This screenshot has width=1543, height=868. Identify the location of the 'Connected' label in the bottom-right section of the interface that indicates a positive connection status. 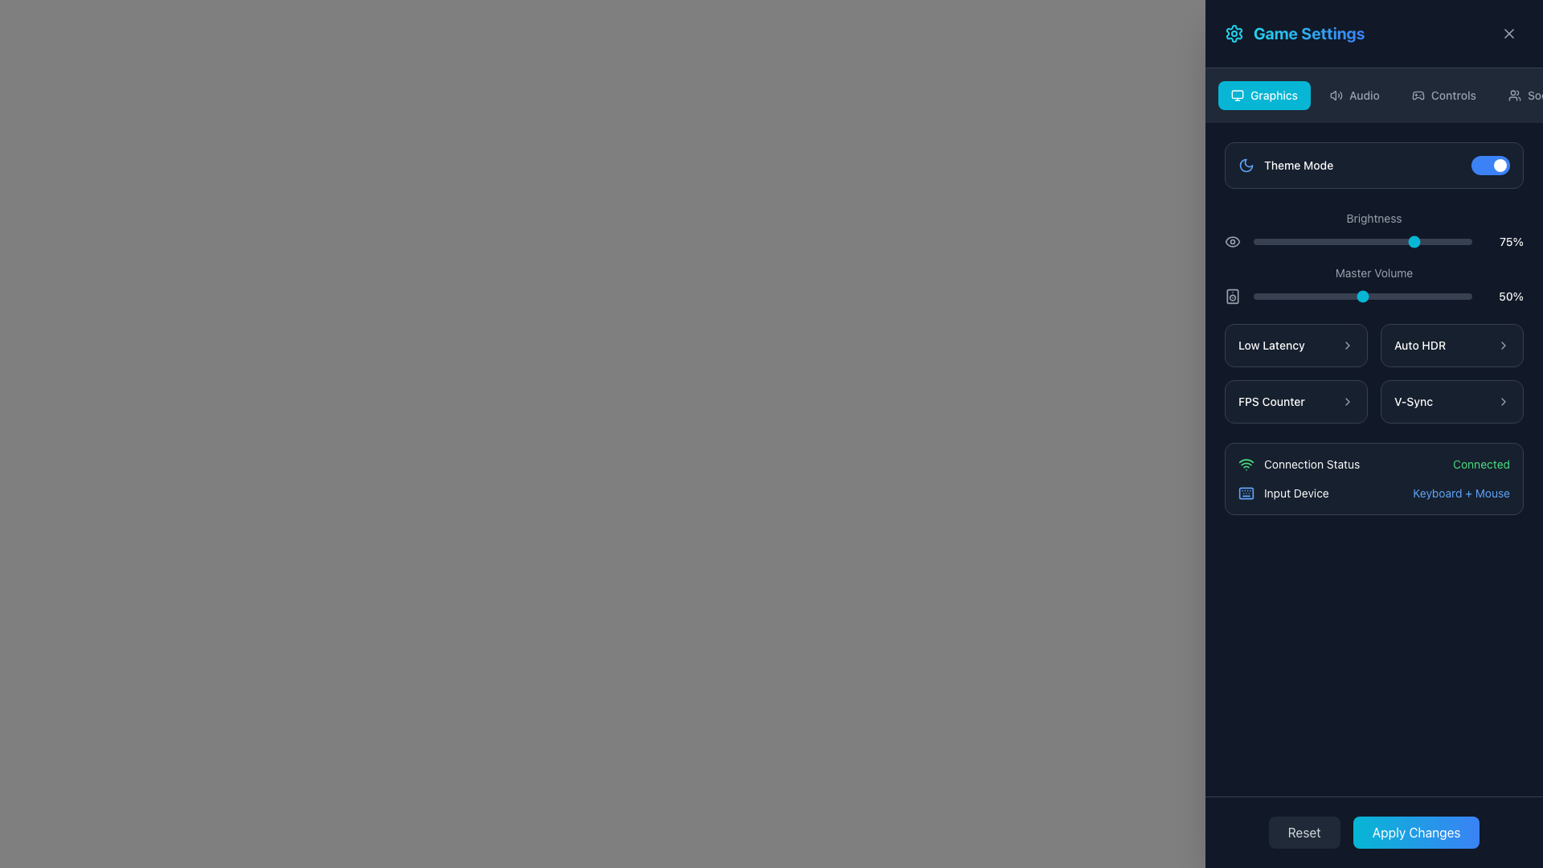
(1480, 465).